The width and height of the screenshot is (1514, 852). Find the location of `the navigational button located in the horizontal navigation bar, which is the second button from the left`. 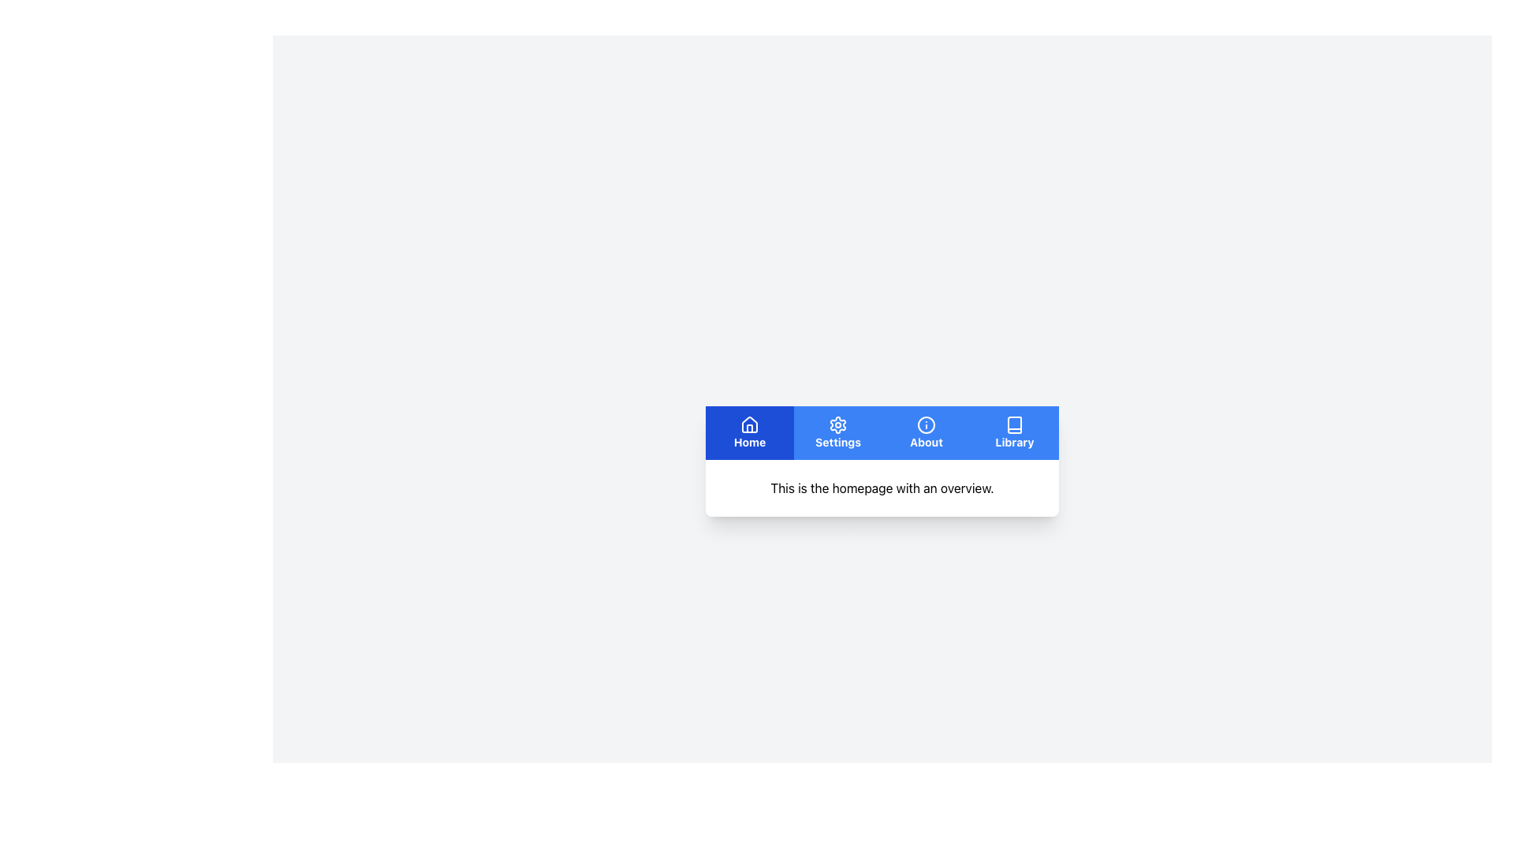

the navigational button located in the horizontal navigation bar, which is the second button from the left is located at coordinates (837, 432).